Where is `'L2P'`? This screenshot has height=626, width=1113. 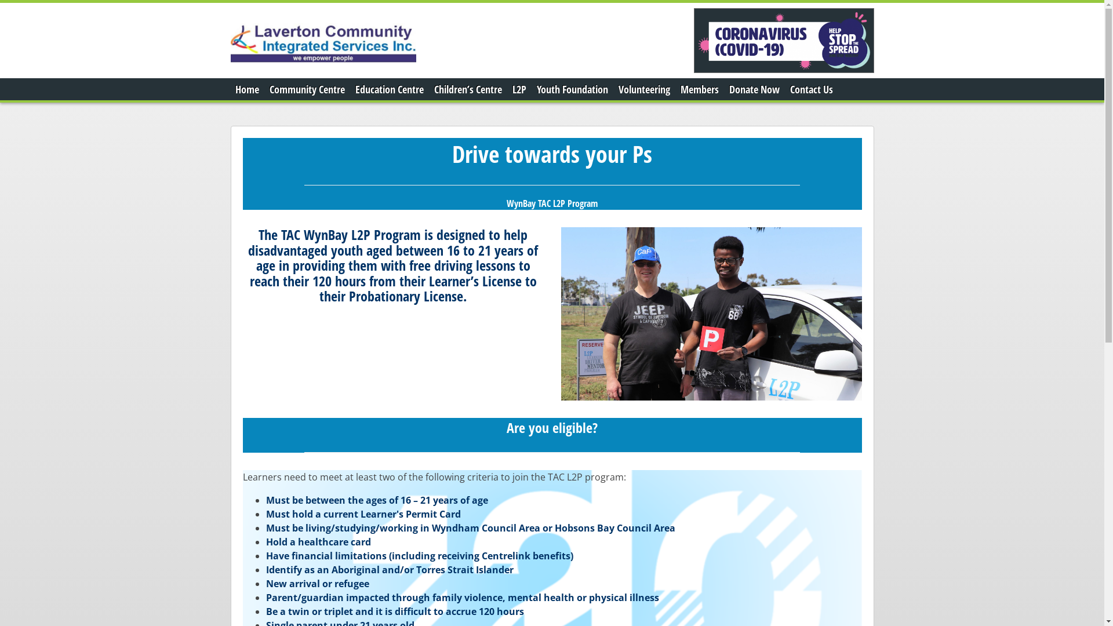
'L2P' is located at coordinates (519, 89).